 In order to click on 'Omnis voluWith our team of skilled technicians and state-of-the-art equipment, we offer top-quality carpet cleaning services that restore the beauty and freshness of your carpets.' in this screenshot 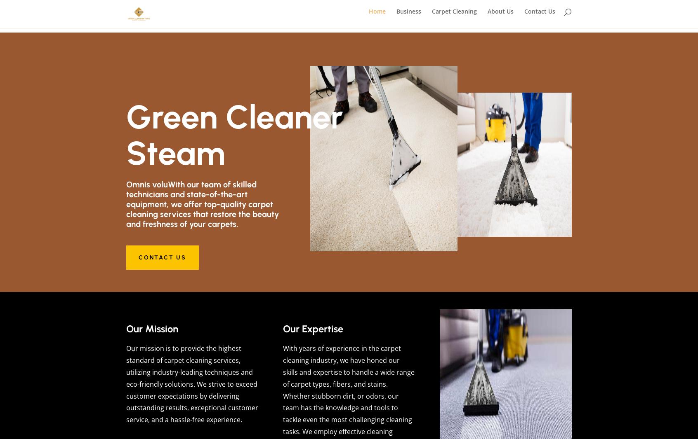, I will do `click(202, 204)`.